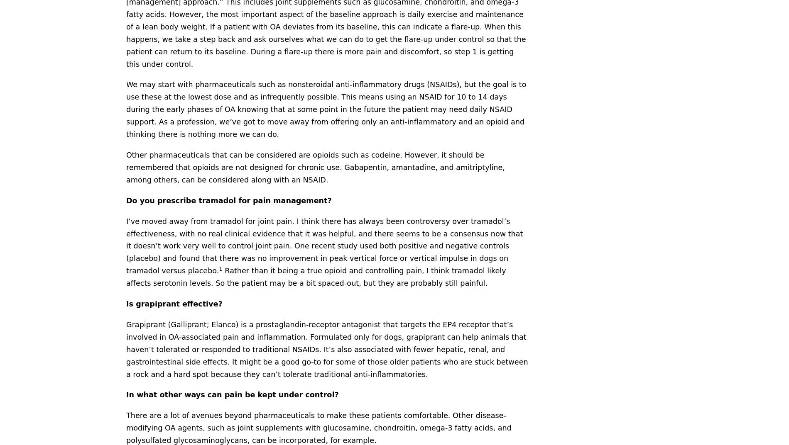 The height and width of the screenshot is (445, 789). I want to click on 'I’ve moved away from tramadol for joint pain. I think there has always been controversy over tramadol’s effectiveness, with no real clinical evidence that it was helpful, and there seems to be a consensus now that it doesn’t work very well to control joint pain. One recent study used both positive and negative controls (placebo) and found that there was no improvement in peak vertical force or vertical impulse in dogs on tramadol versus placebo.', so click(324, 246).